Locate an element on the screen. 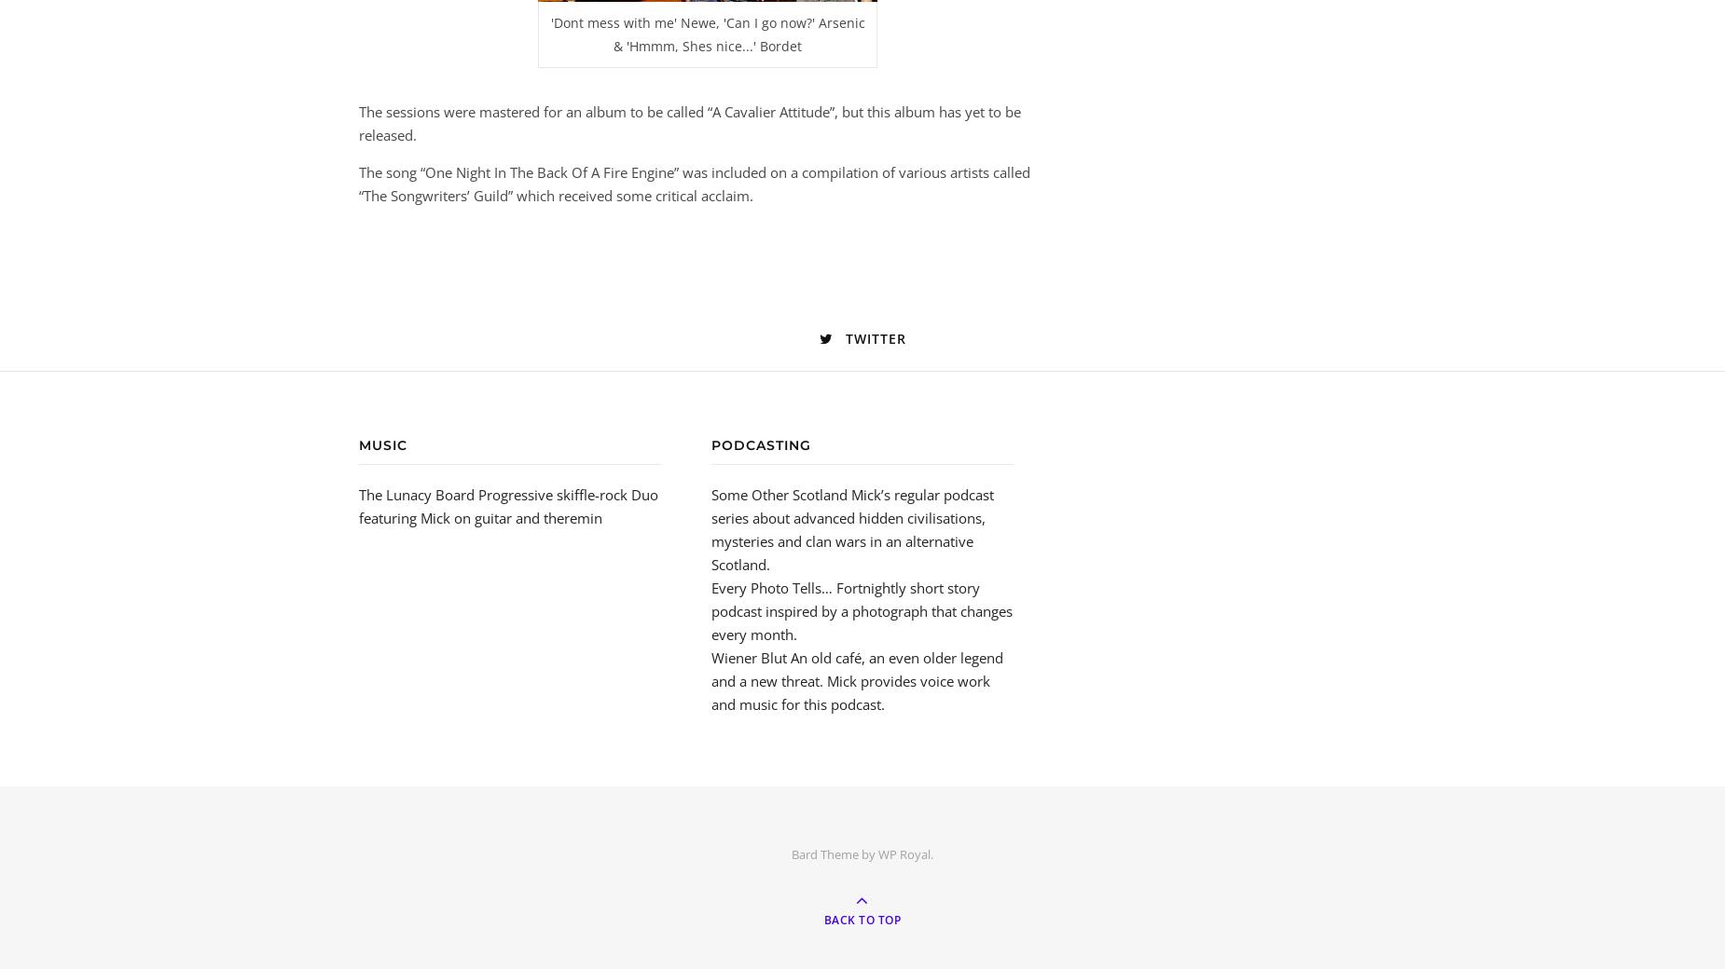 This screenshot has width=1725, height=969. 'Wiener Blut' is located at coordinates (749, 657).